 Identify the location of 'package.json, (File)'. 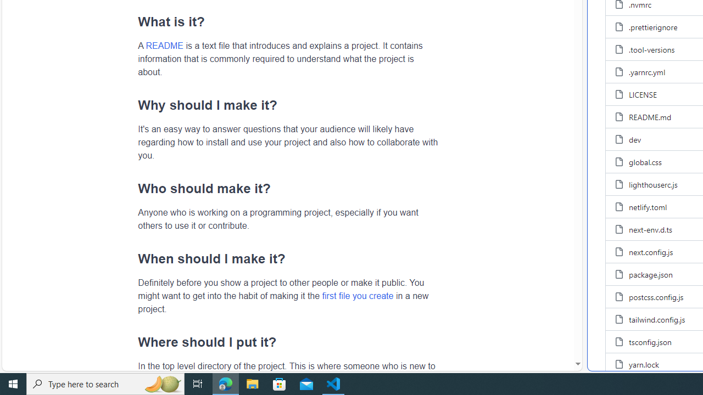
(651, 274).